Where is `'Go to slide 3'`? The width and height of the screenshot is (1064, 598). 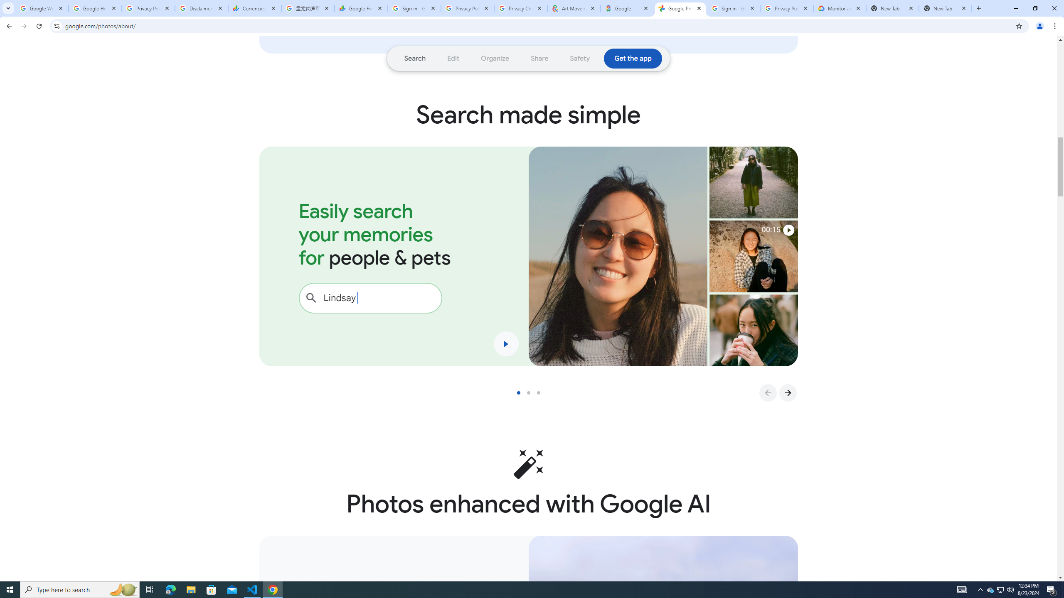 'Go to slide 3' is located at coordinates (542, 392).